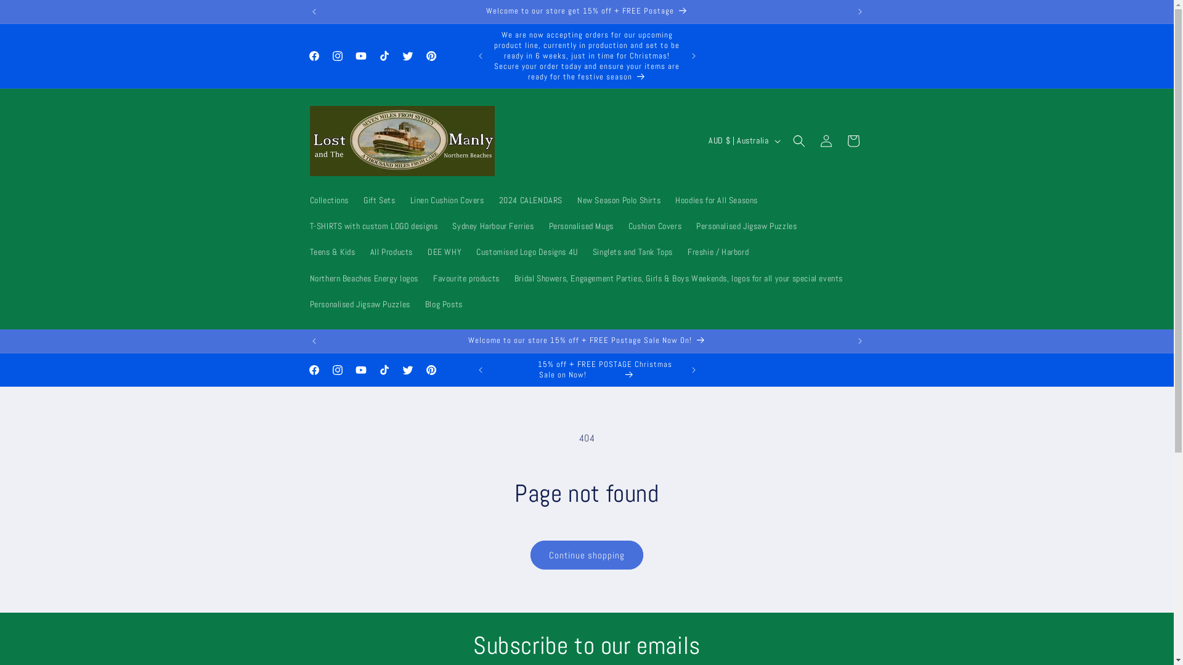 The image size is (1183, 665). I want to click on 'TikTok', so click(372, 56).